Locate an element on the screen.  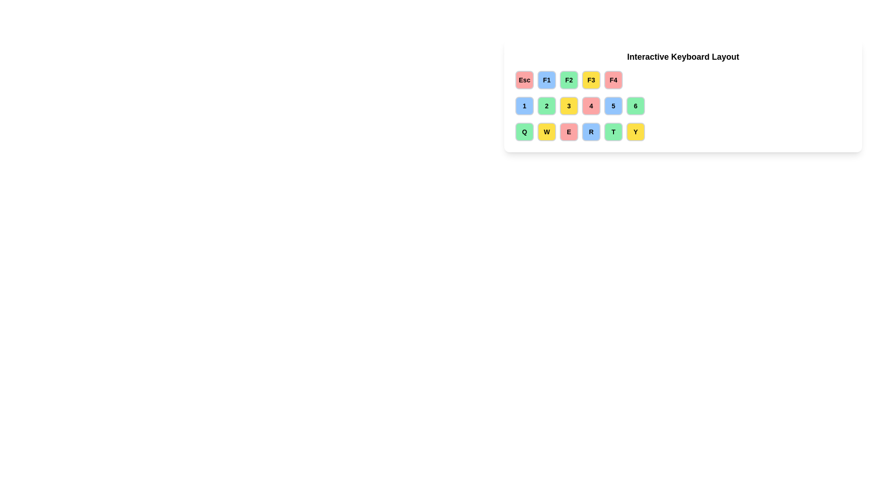
the Label element that is a square box with a yellow background and gray border, containing the letter 'Y' in bold, centered text, located at the bottom-right corner of the visible grid is located at coordinates (635, 132).